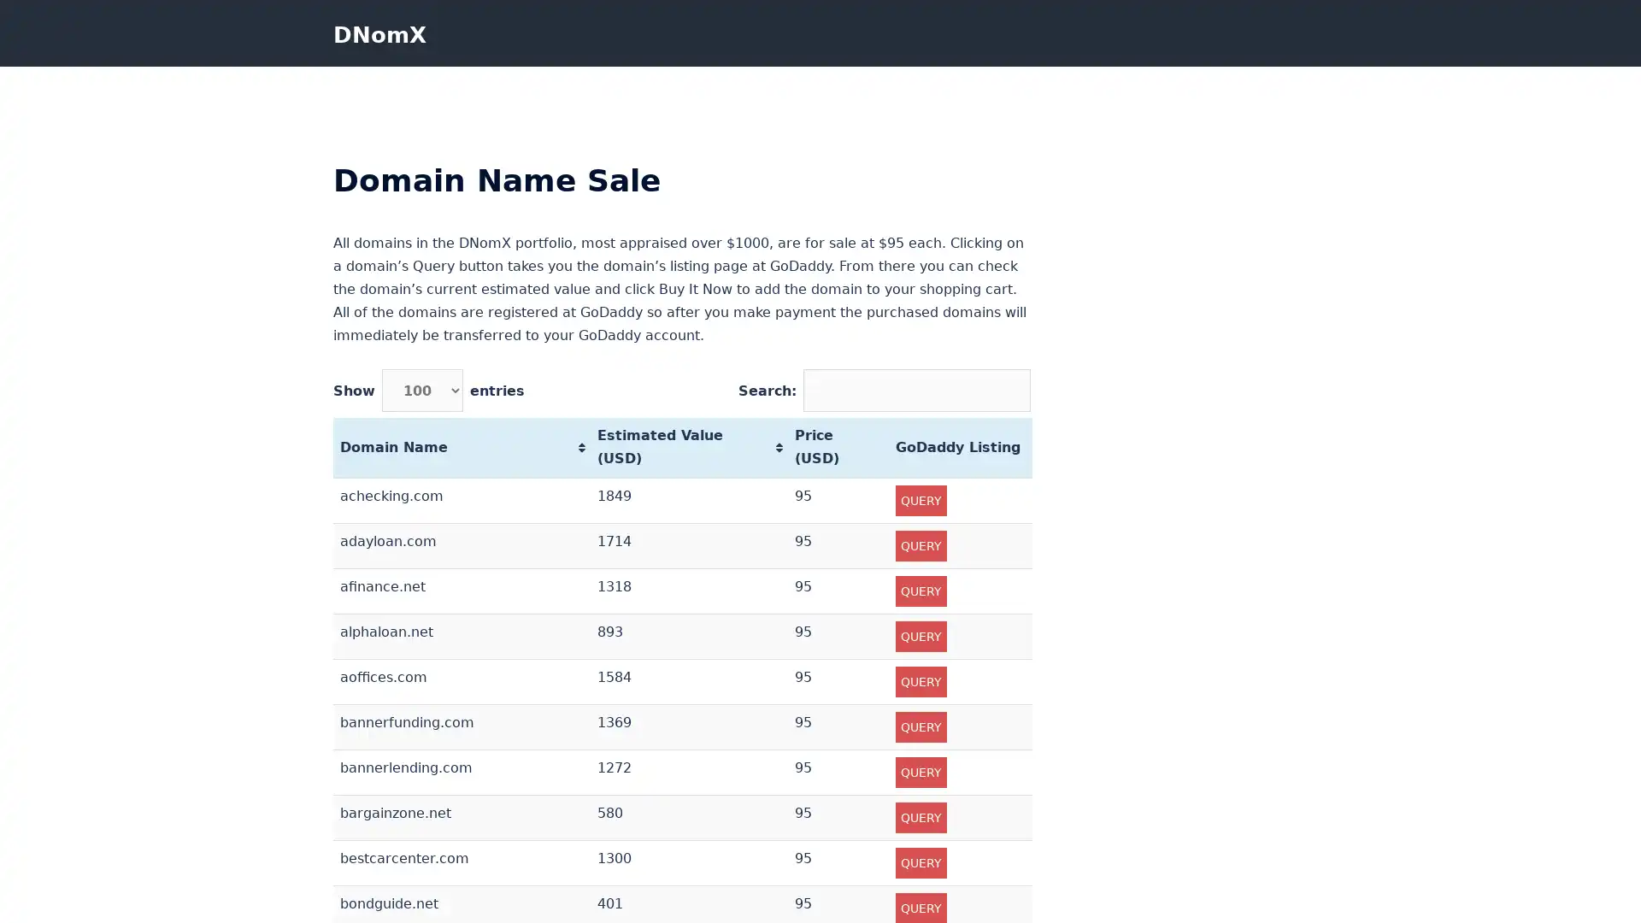  I want to click on QUERY, so click(919, 727).